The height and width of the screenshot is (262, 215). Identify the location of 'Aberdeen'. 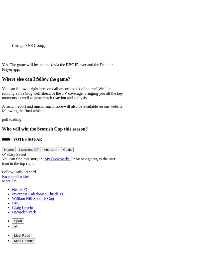
(51, 149).